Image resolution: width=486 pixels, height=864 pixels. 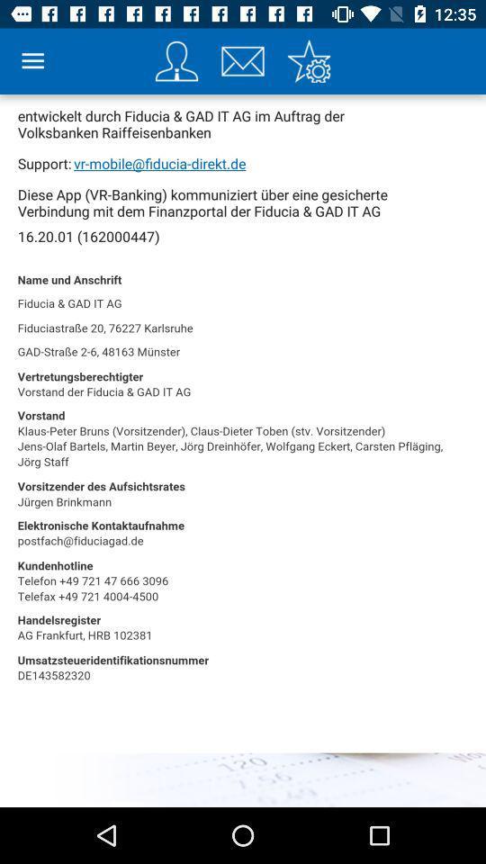 What do you see at coordinates (308, 61) in the screenshot?
I see `rating` at bounding box center [308, 61].